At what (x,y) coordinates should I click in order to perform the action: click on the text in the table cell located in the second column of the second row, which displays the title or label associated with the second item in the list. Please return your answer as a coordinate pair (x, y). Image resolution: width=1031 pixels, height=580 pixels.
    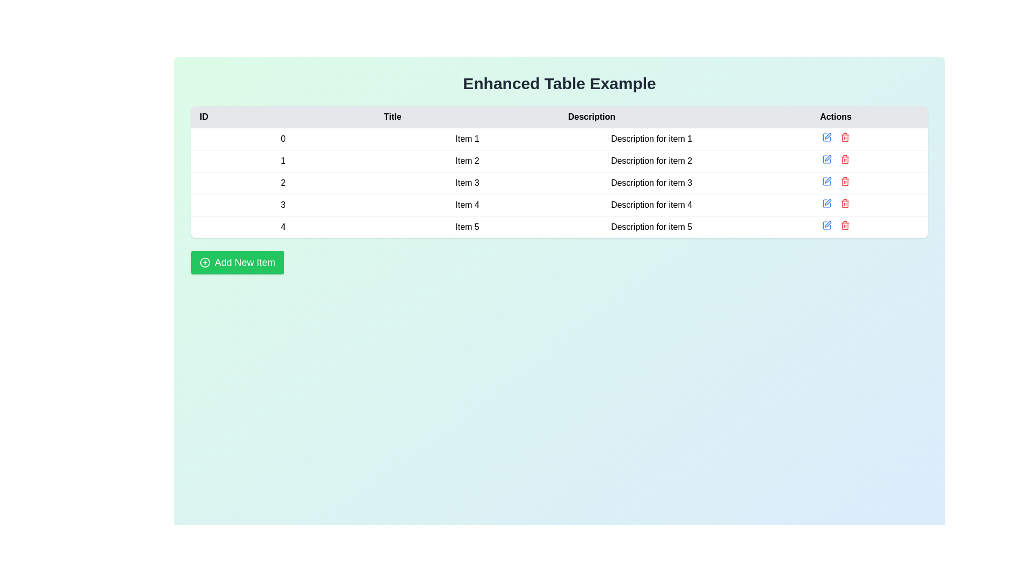
    Looking at the image, I should click on (467, 161).